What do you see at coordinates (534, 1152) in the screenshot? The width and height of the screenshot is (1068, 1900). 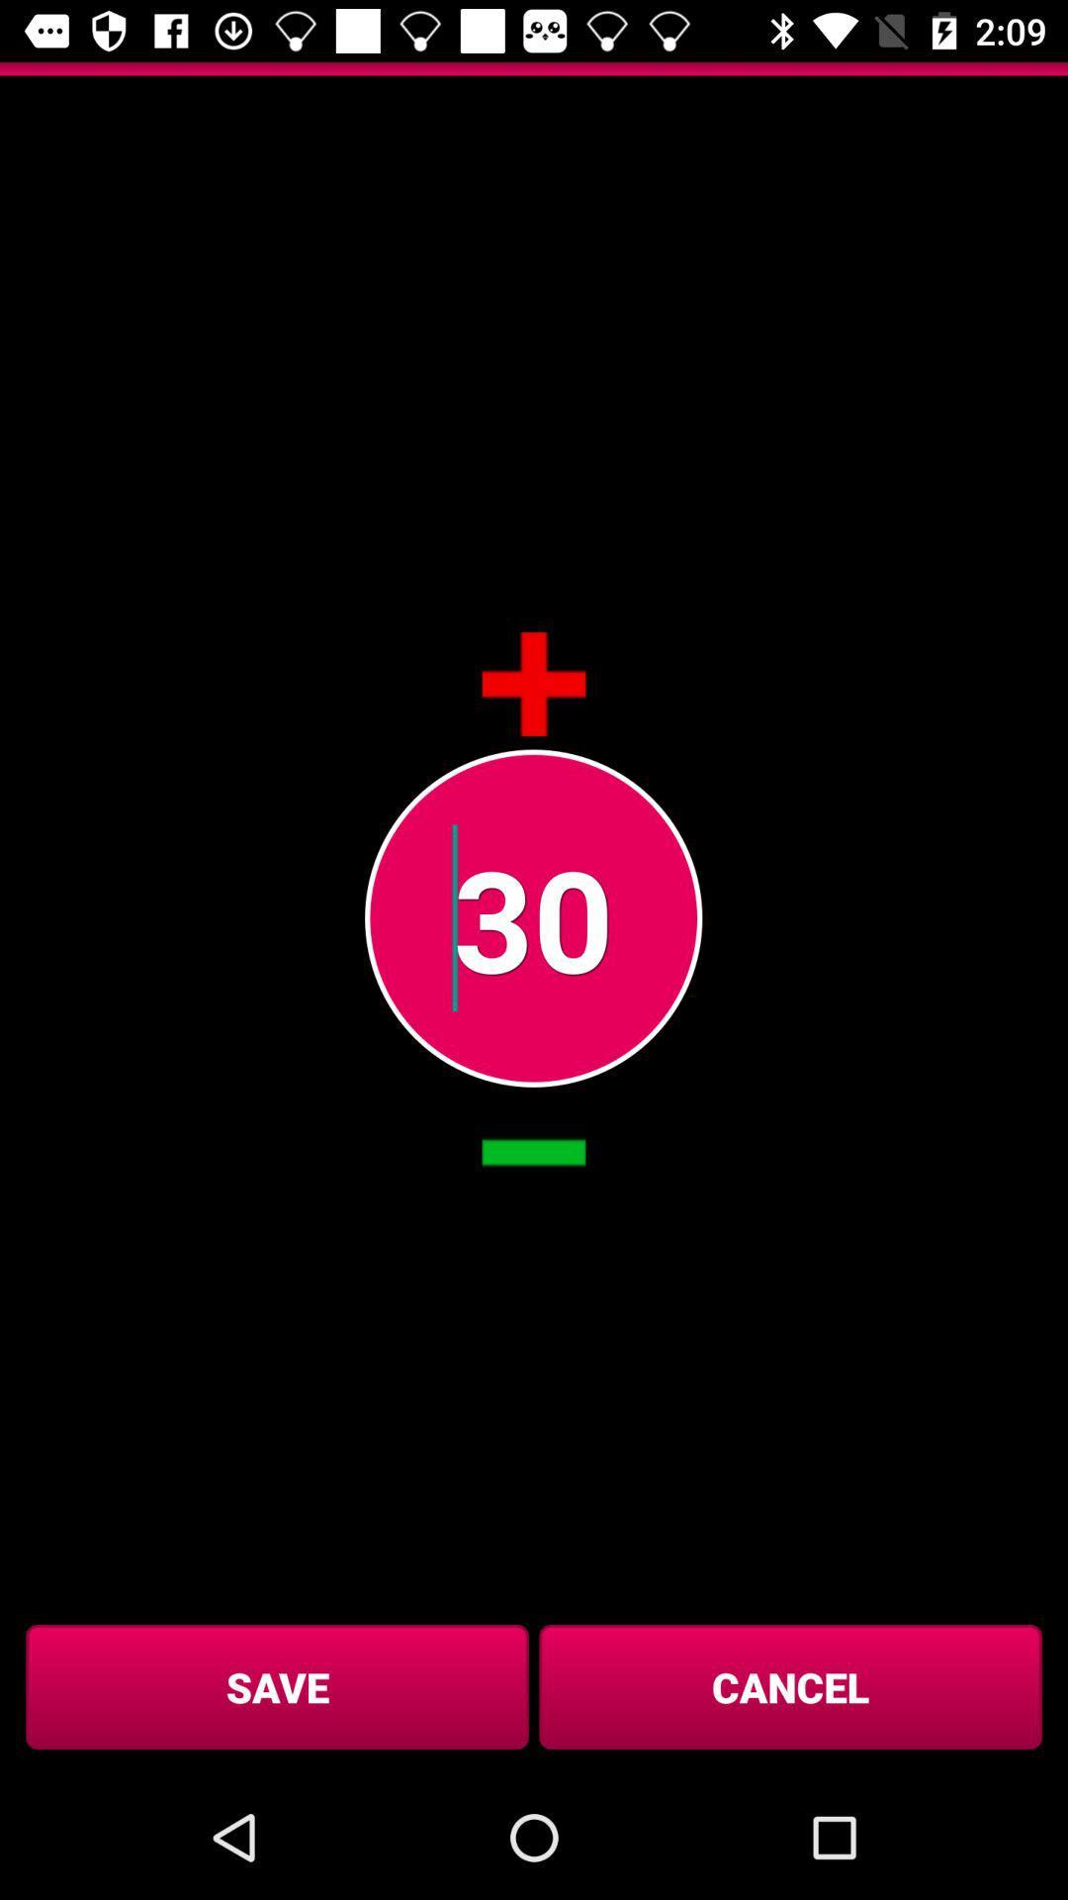 I see `the minus icon` at bounding box center [534, 1152].